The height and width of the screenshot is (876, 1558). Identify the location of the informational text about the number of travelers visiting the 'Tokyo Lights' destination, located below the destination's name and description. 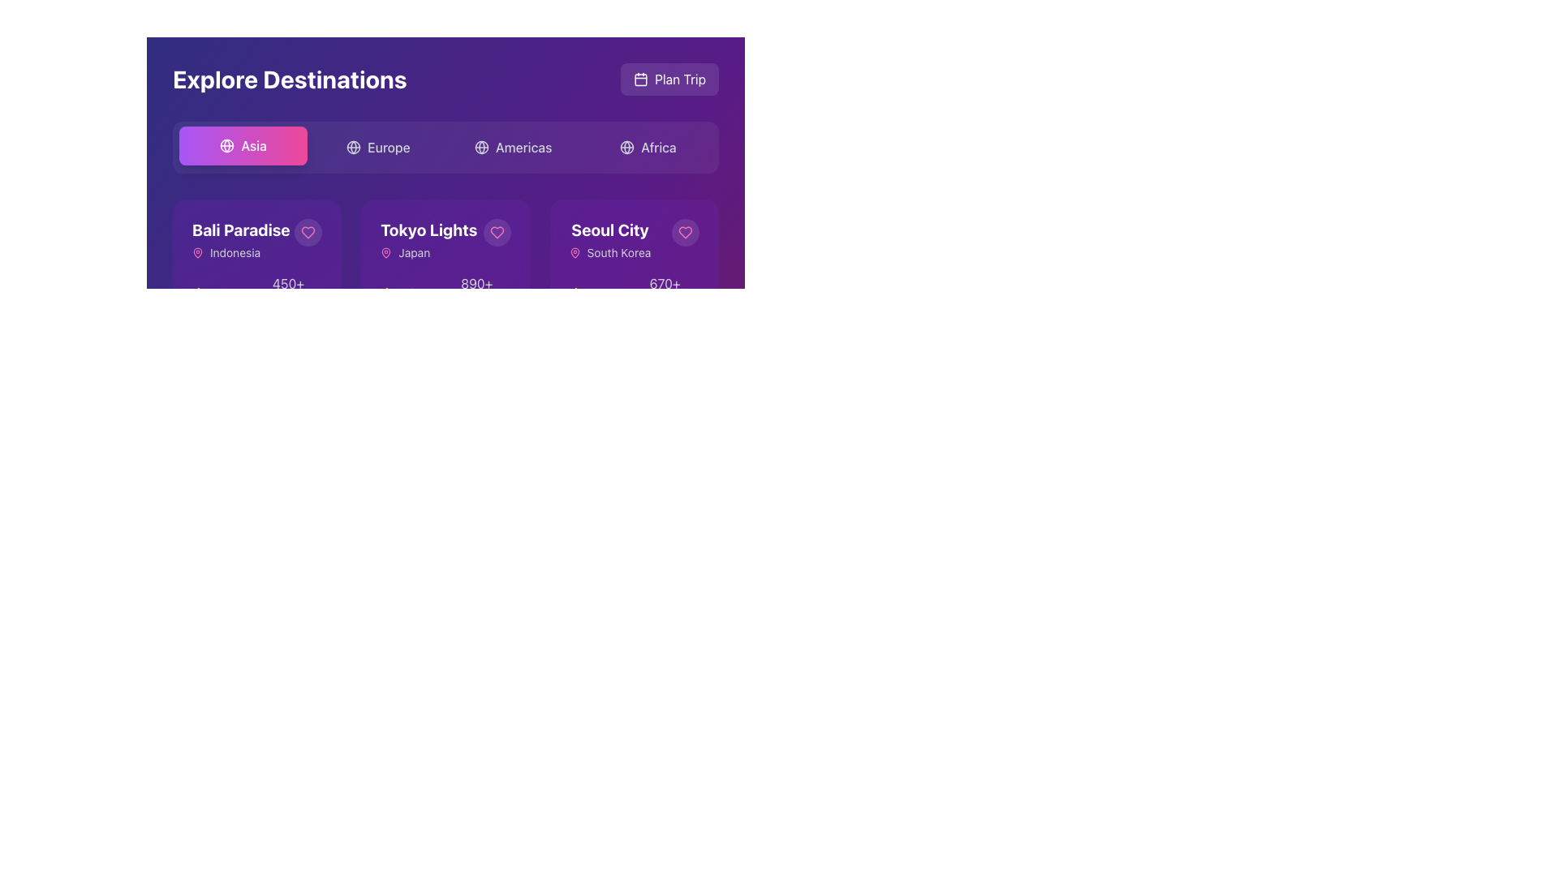
(469, 294).